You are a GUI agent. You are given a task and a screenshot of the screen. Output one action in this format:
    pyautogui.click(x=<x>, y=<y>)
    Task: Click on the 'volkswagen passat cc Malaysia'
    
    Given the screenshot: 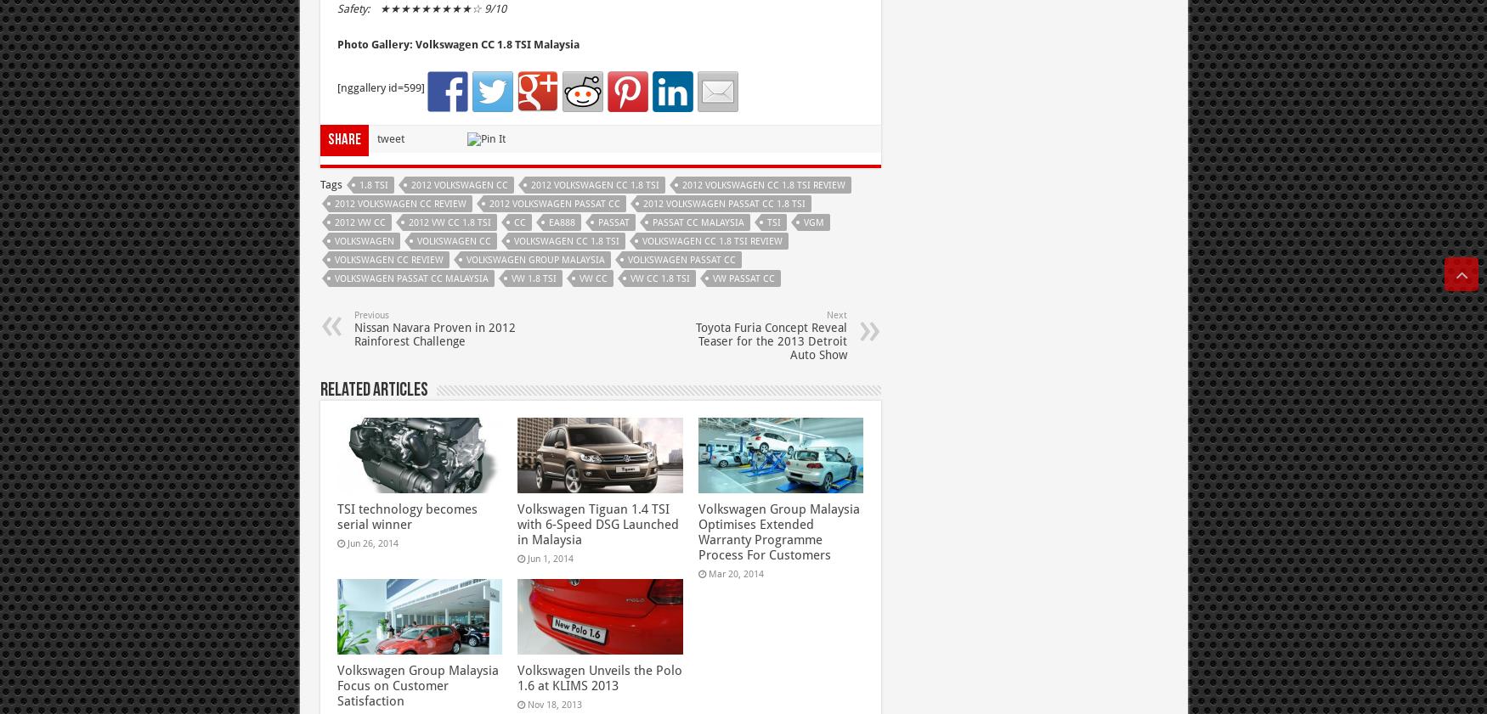 What is the action you would take?
    pyautogui.click(x=410, y=277)
    